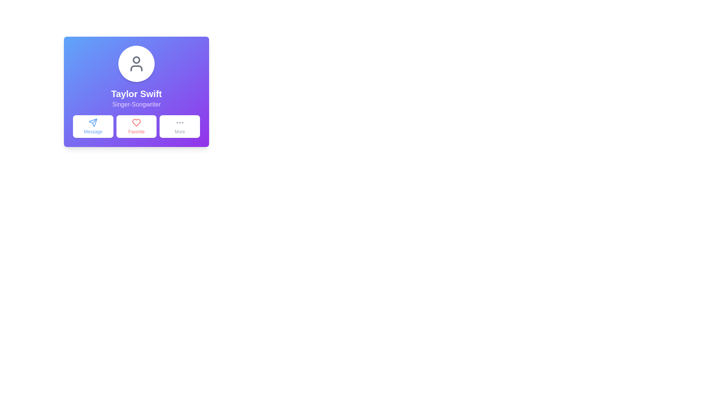  I want to click on the 'Favorite' button, which is the middle button in a set of three buttons with white backgrounds and rounded corners, located at the bottom of a card-like component, so click(136, 126).